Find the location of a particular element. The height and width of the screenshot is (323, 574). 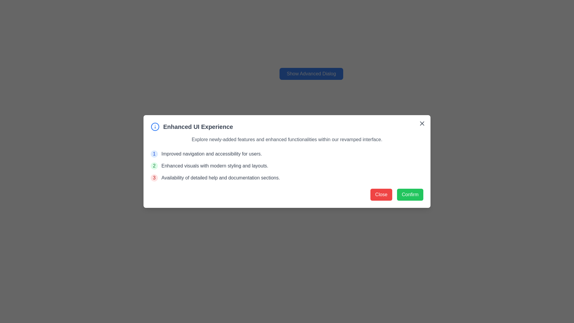

the bold text heading labeled 'Enhanced UI Experience', which is styled prominently in dark gray and located near the top-left of the modal dialog window is located at coordinates (198, 127).